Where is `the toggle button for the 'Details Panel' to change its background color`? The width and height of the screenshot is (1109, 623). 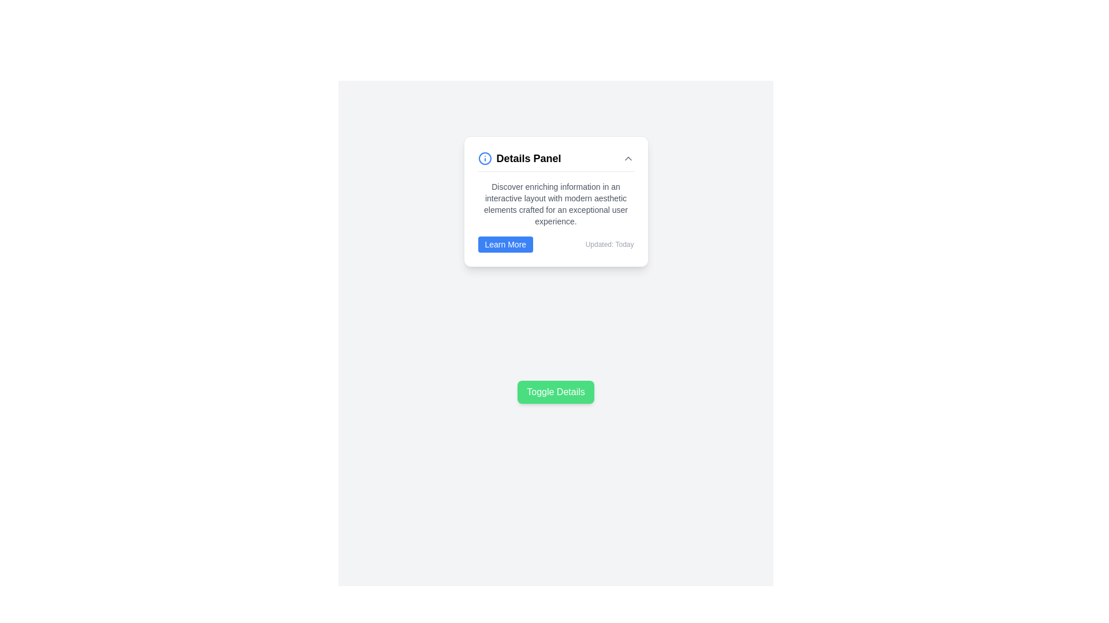 the toggle button for the 'Details Panel' to change its background color is located at coordinates (556, 391).